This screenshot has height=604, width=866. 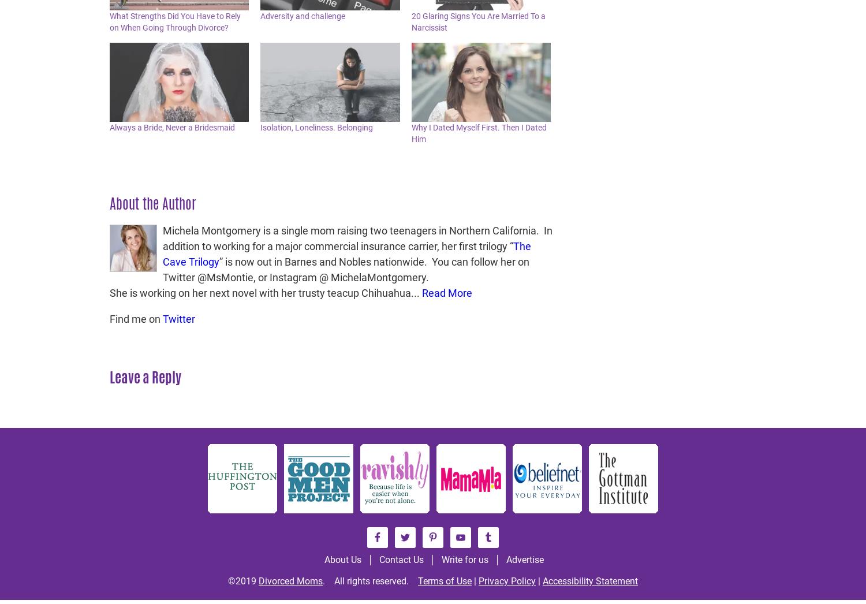 I want to click on '” is now out in Barnes and Nobles nationwide.  You can follow her on Twitter @MsMontie, or Instagram @ MichelaMontgomery.', so click(x=345, y=269).